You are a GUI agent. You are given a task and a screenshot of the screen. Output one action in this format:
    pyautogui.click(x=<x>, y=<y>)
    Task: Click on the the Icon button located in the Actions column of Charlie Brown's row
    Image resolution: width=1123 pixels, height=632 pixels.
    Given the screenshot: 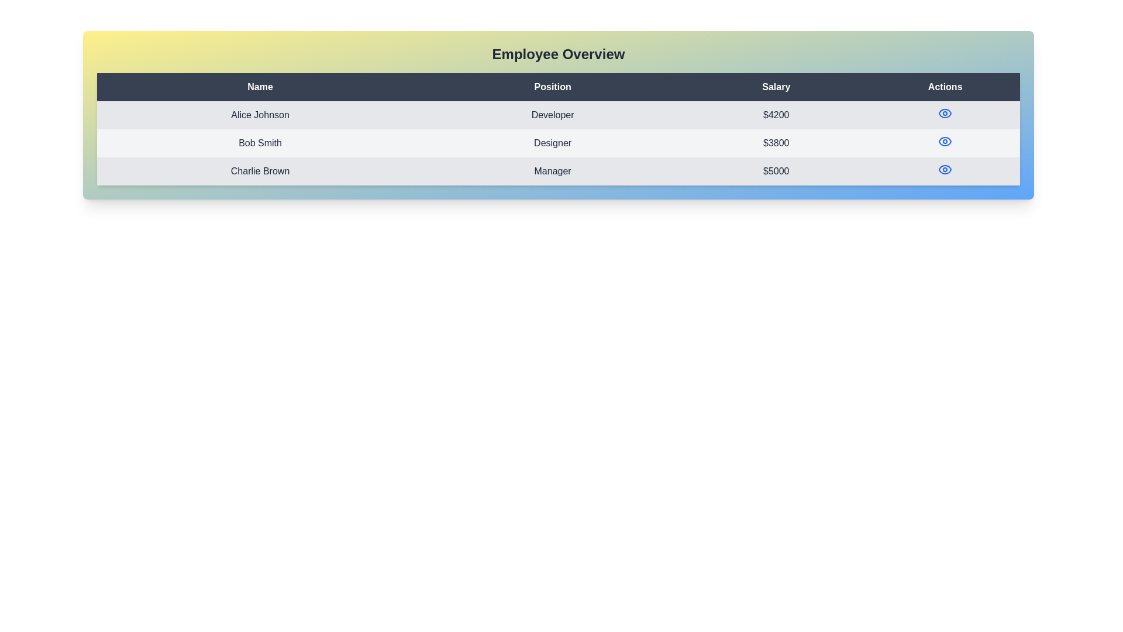 What is the action you would take?
    pyautogui.click(x=945, y=169)
    